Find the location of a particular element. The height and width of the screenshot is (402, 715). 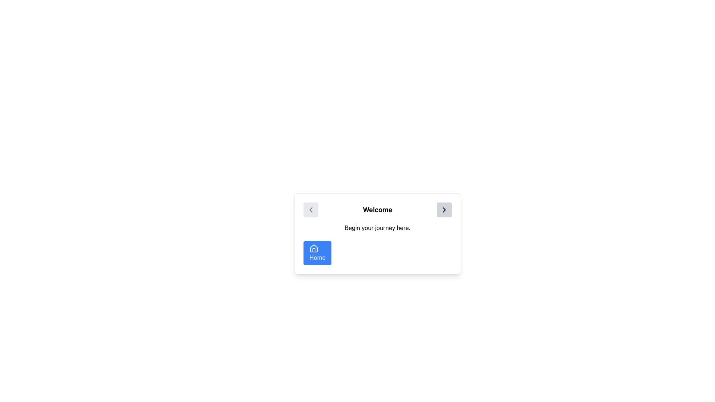

the roof part of the house icon located within the blue 'Home' button at the bottom left corner of the panel is located at coordinates (314, 248).